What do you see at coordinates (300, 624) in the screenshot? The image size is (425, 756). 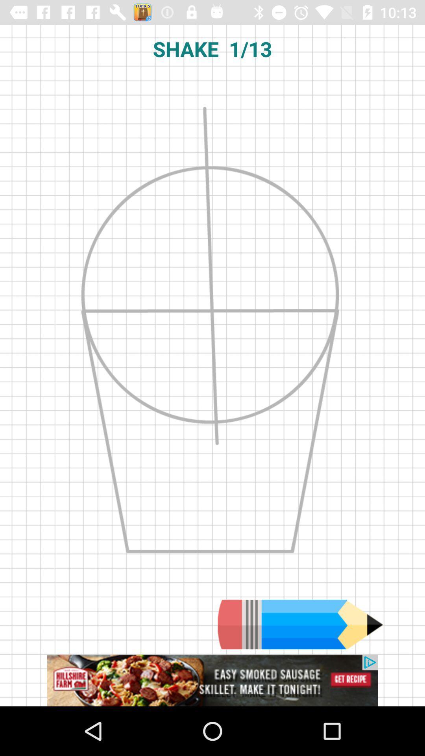 I see `next arrow option` at bounding box center [300, 624].